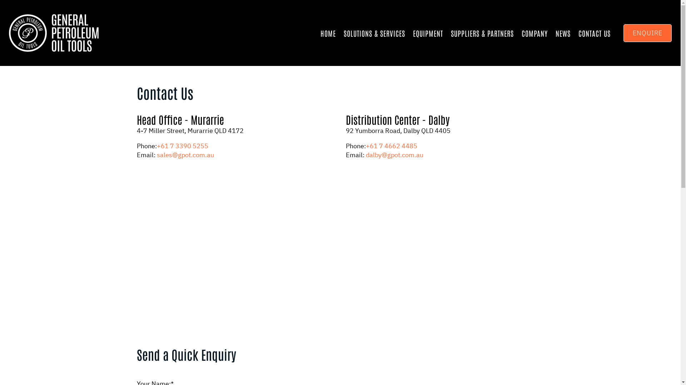  What do you see at coordinates (555, 33) in the screenshot?
I see `'NEWS'` at bounding box center [555, 33].